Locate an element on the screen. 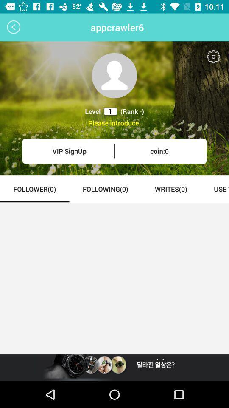  item next to the writes(0) icon is located at coordinates (214, 189).